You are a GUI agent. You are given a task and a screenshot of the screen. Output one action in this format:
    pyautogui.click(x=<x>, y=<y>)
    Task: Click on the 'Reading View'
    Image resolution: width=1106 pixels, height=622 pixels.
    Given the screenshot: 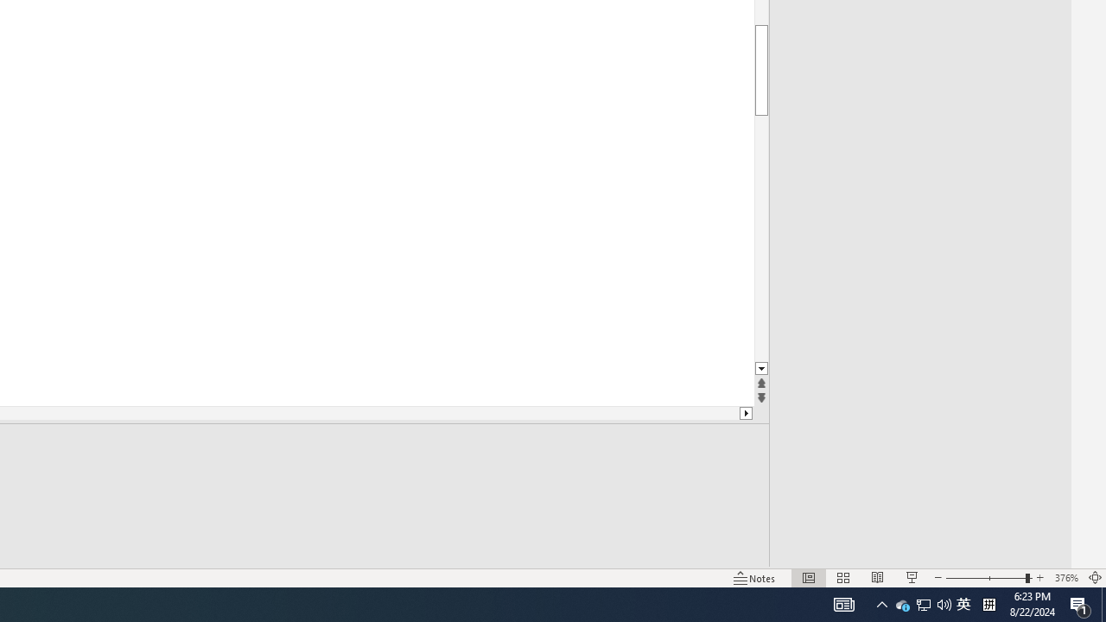 What is the action you would take?
    pyautogui.click(x=877, y=578)
    